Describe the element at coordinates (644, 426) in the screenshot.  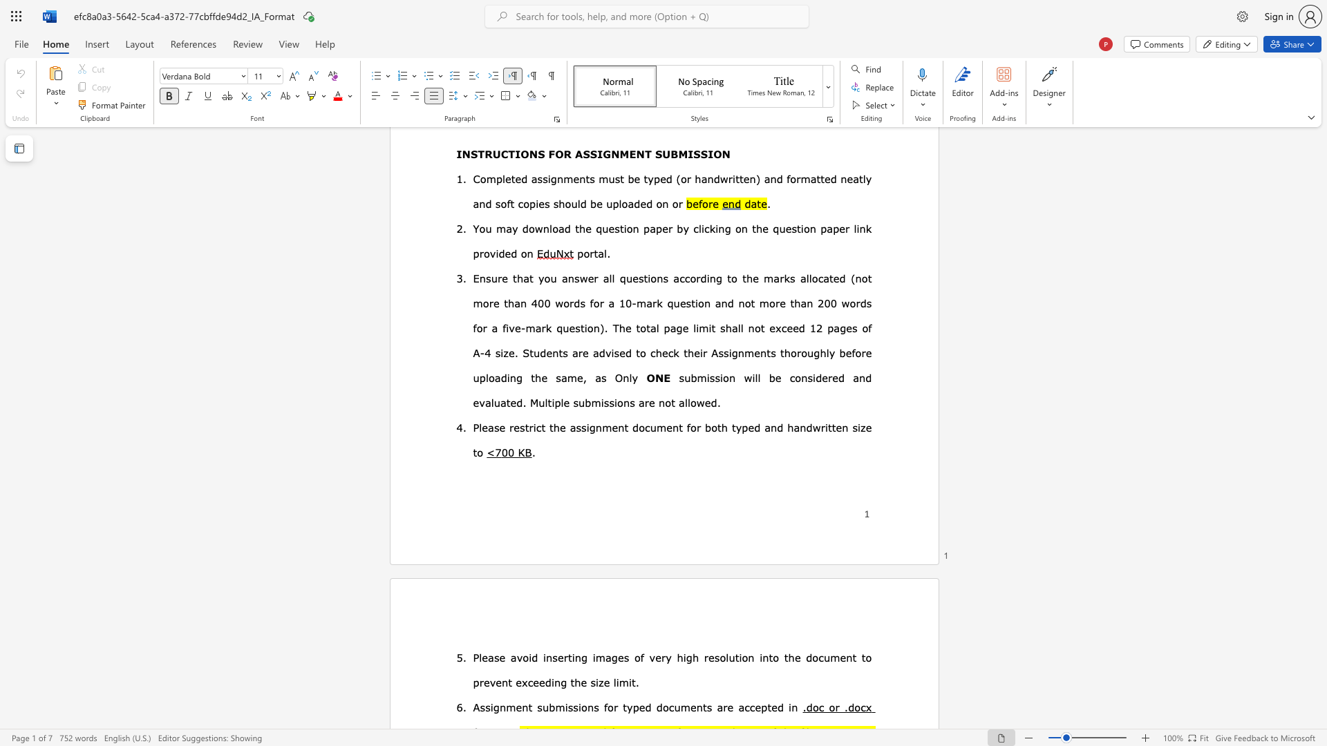
I see `the subset text "cumen" within the text "Please restrict the assignment document"` at that location.